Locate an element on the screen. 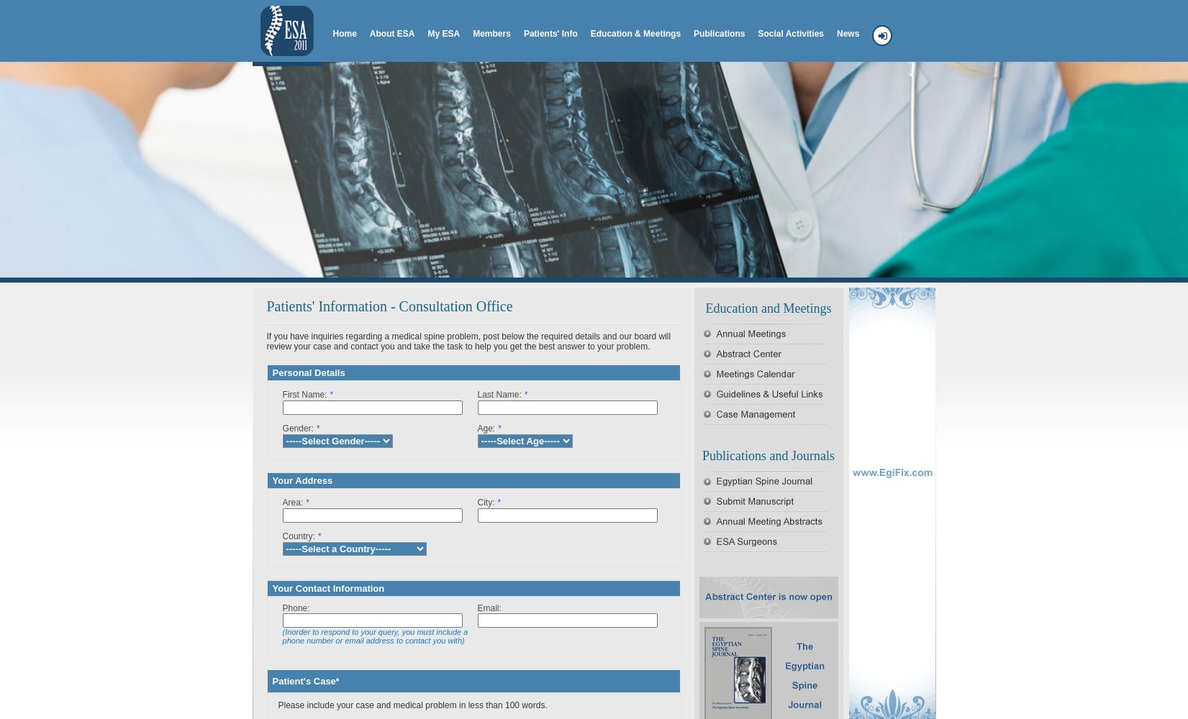 This screenshot has height=719, width=1188. 'Phone:' is located at coordinates (281, 608).